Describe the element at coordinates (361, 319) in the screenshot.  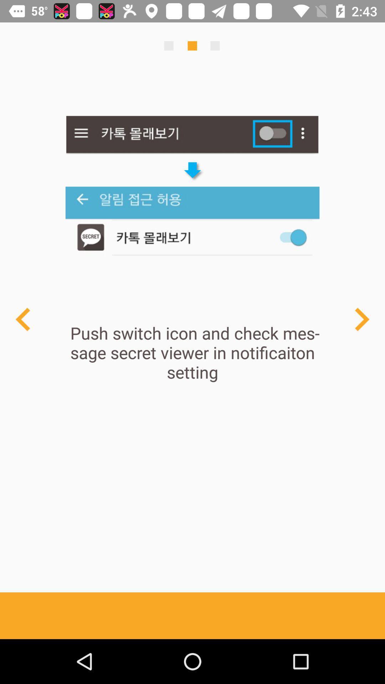
I see `next` at that location.